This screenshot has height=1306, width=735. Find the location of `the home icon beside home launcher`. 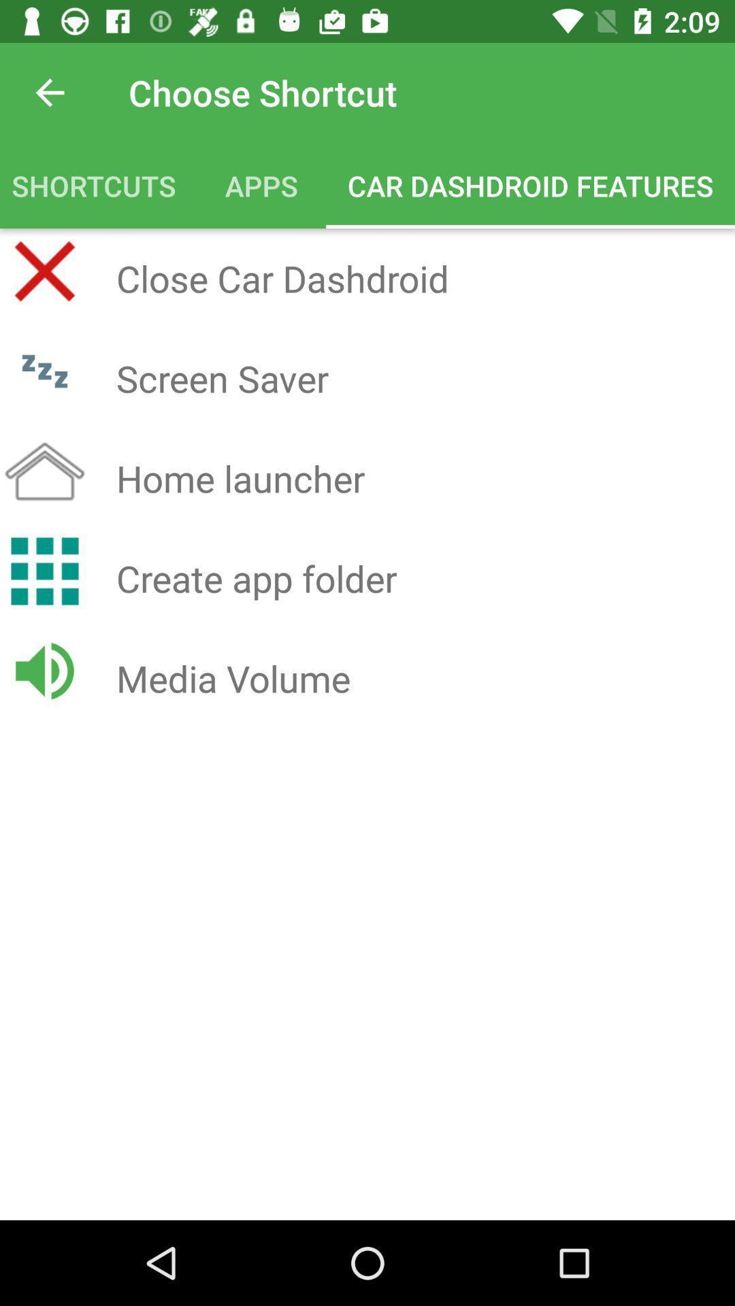

the home icon beside home launcher is located at coordinates (44, 471).